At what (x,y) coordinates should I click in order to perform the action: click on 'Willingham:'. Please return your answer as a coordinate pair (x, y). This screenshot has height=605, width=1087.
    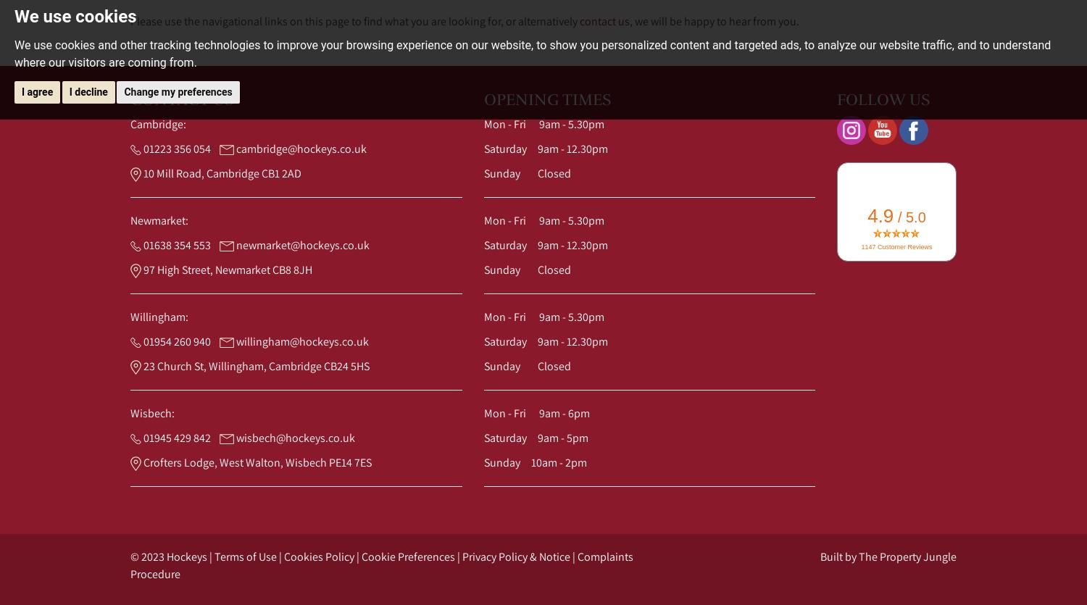
    Looking at the image, I should click on (159, 316).